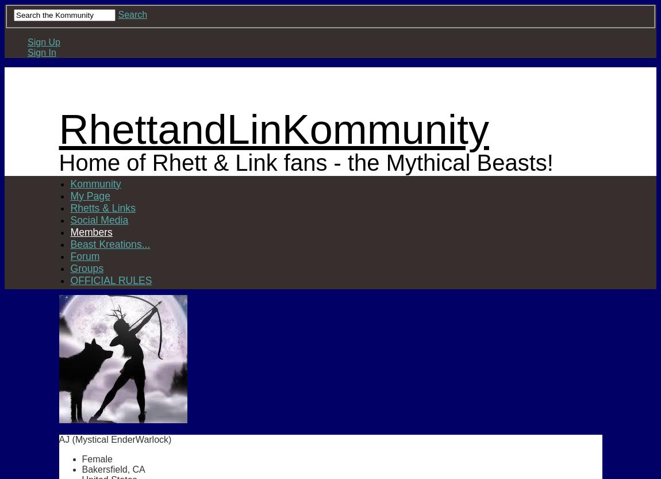 This screenshot has width=661, height=479. What do you see at coordinates (98, 220) in the screenshot?
I see `'Social Media'` at bounding box center [98, 220].